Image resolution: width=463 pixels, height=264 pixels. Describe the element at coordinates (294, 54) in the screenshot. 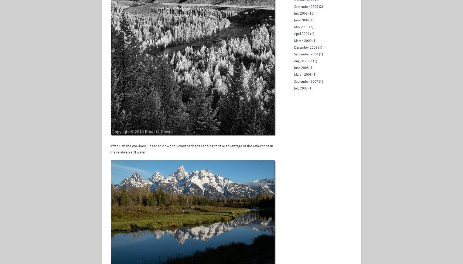

I see `'September 2008'` at that location.